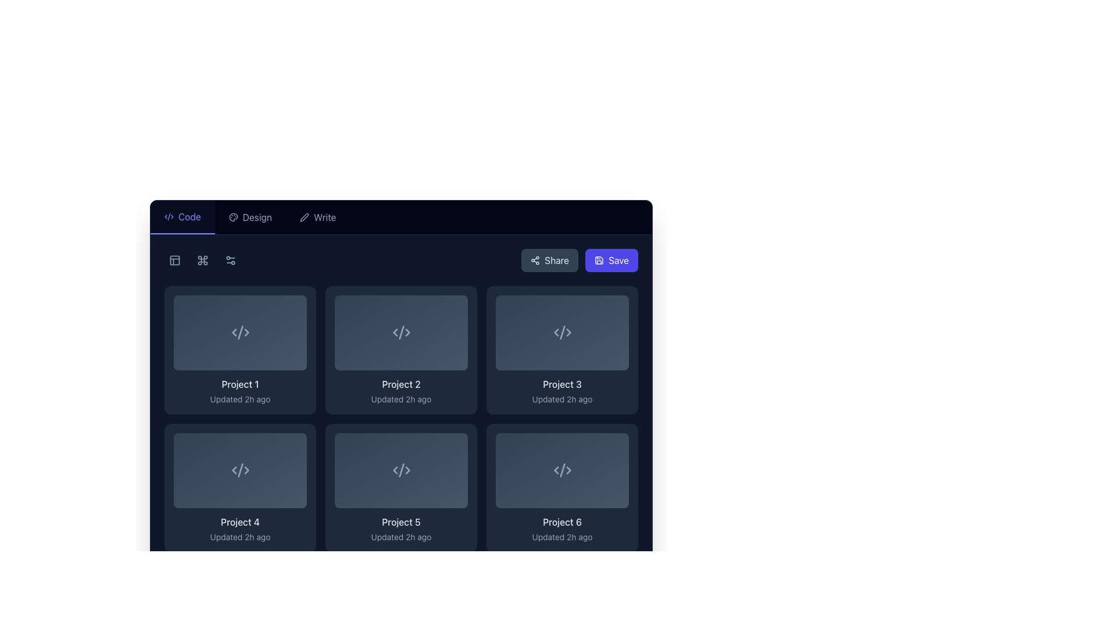 The width and height of the screenshot is (1116, 628). What do you see at coordinates (562, 333) in the screenshot?
I see `the graphical icon representing the symbols '<>' with a central dash, located within the dark blue card labeled 'Project 3'` at bounding box center [562, 333].